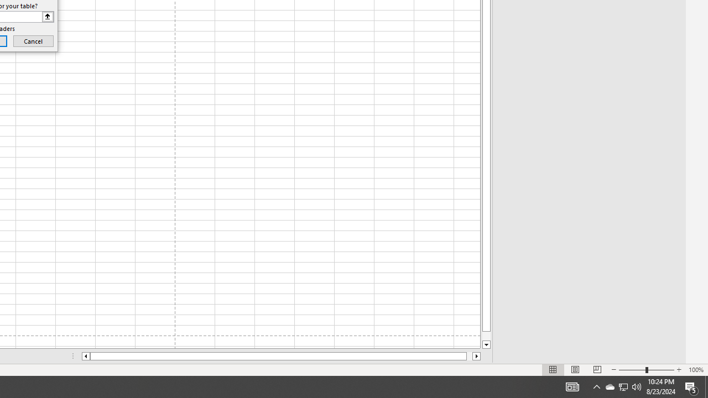  I want to click on 'Column right', so click(477, 356).